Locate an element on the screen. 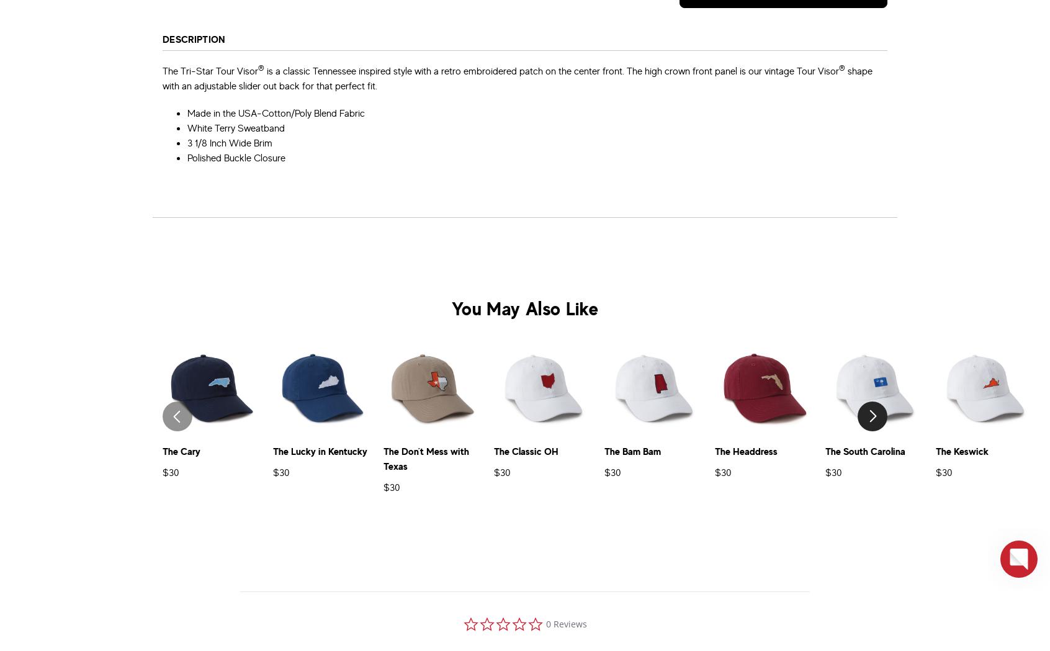  'The Cary' is located at coordinates (181, 451).